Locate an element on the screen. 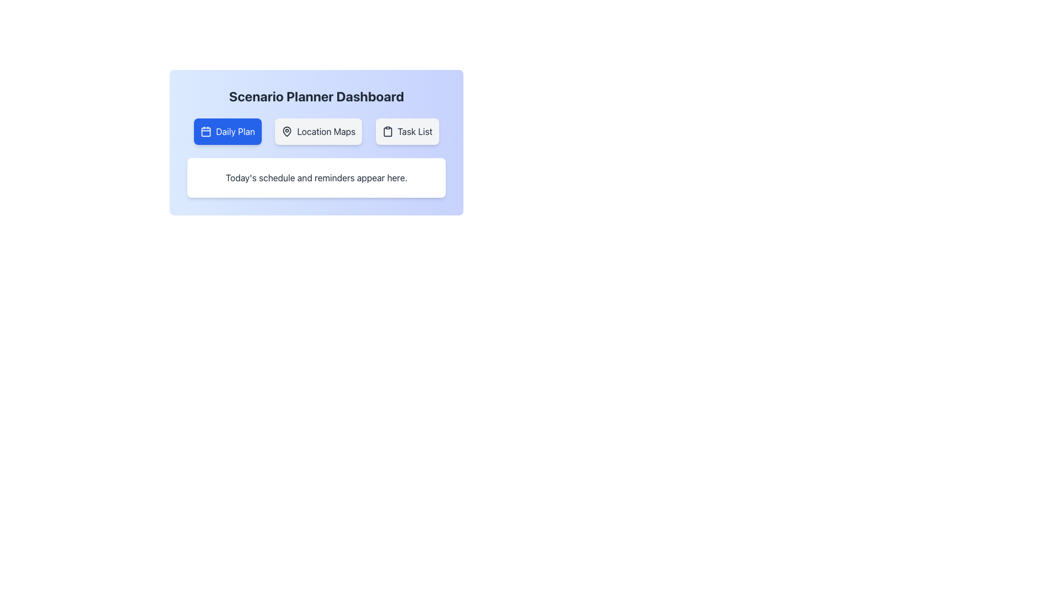 This screenshot has height=595, width=1058. the 'Task List' button, which is a rectangular button with rounded corners, light gray background, and dark gray text, positioned on the rightmost side of three buttons is located at coordinates (407, 131).